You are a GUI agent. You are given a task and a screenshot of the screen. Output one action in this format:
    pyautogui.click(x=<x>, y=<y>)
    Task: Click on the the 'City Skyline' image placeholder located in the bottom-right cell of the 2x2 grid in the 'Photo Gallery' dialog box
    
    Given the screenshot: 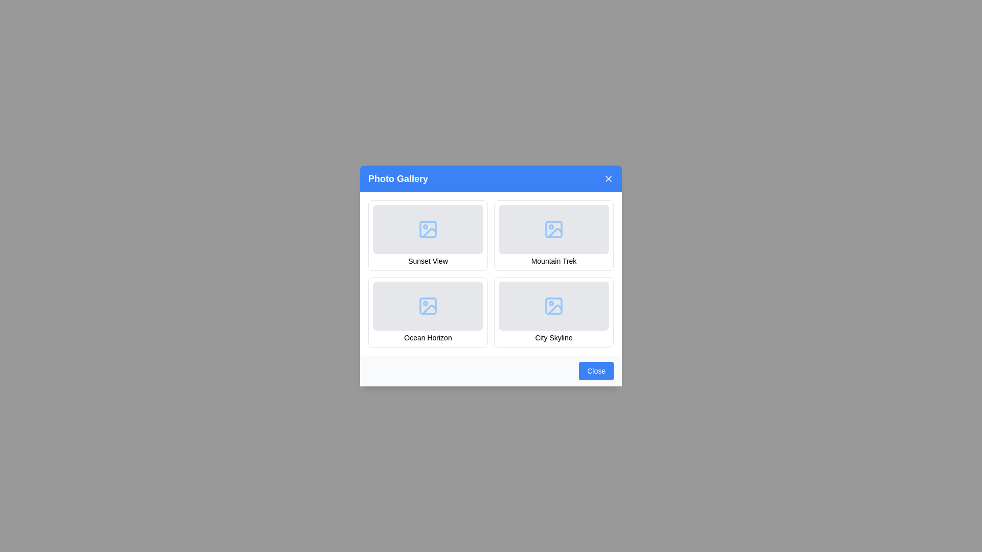 What is the action you would take?
    pyautogui.click(x=553, y=305)
    